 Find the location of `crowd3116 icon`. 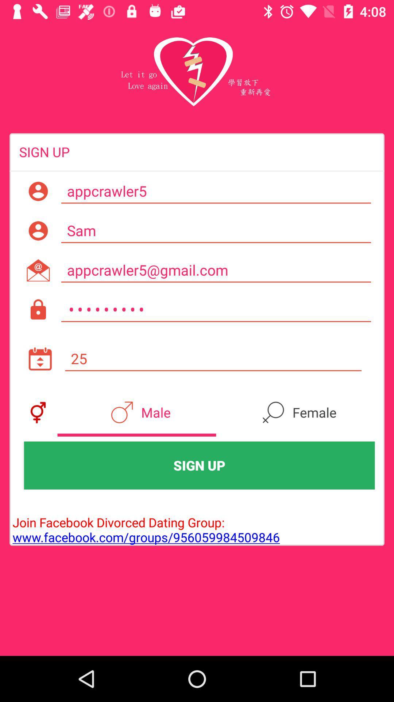

crowd3116 icon is located at coordinates (216, 310).